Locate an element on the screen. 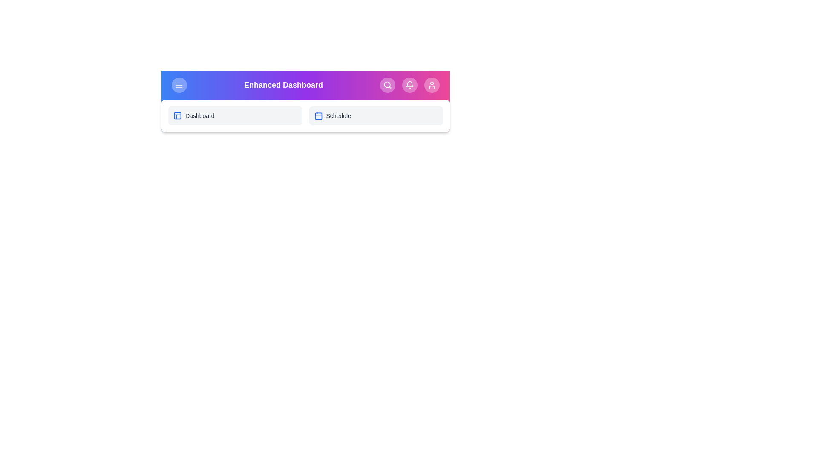  the Notifications button in the app bar is located at coordinates (409, 85).